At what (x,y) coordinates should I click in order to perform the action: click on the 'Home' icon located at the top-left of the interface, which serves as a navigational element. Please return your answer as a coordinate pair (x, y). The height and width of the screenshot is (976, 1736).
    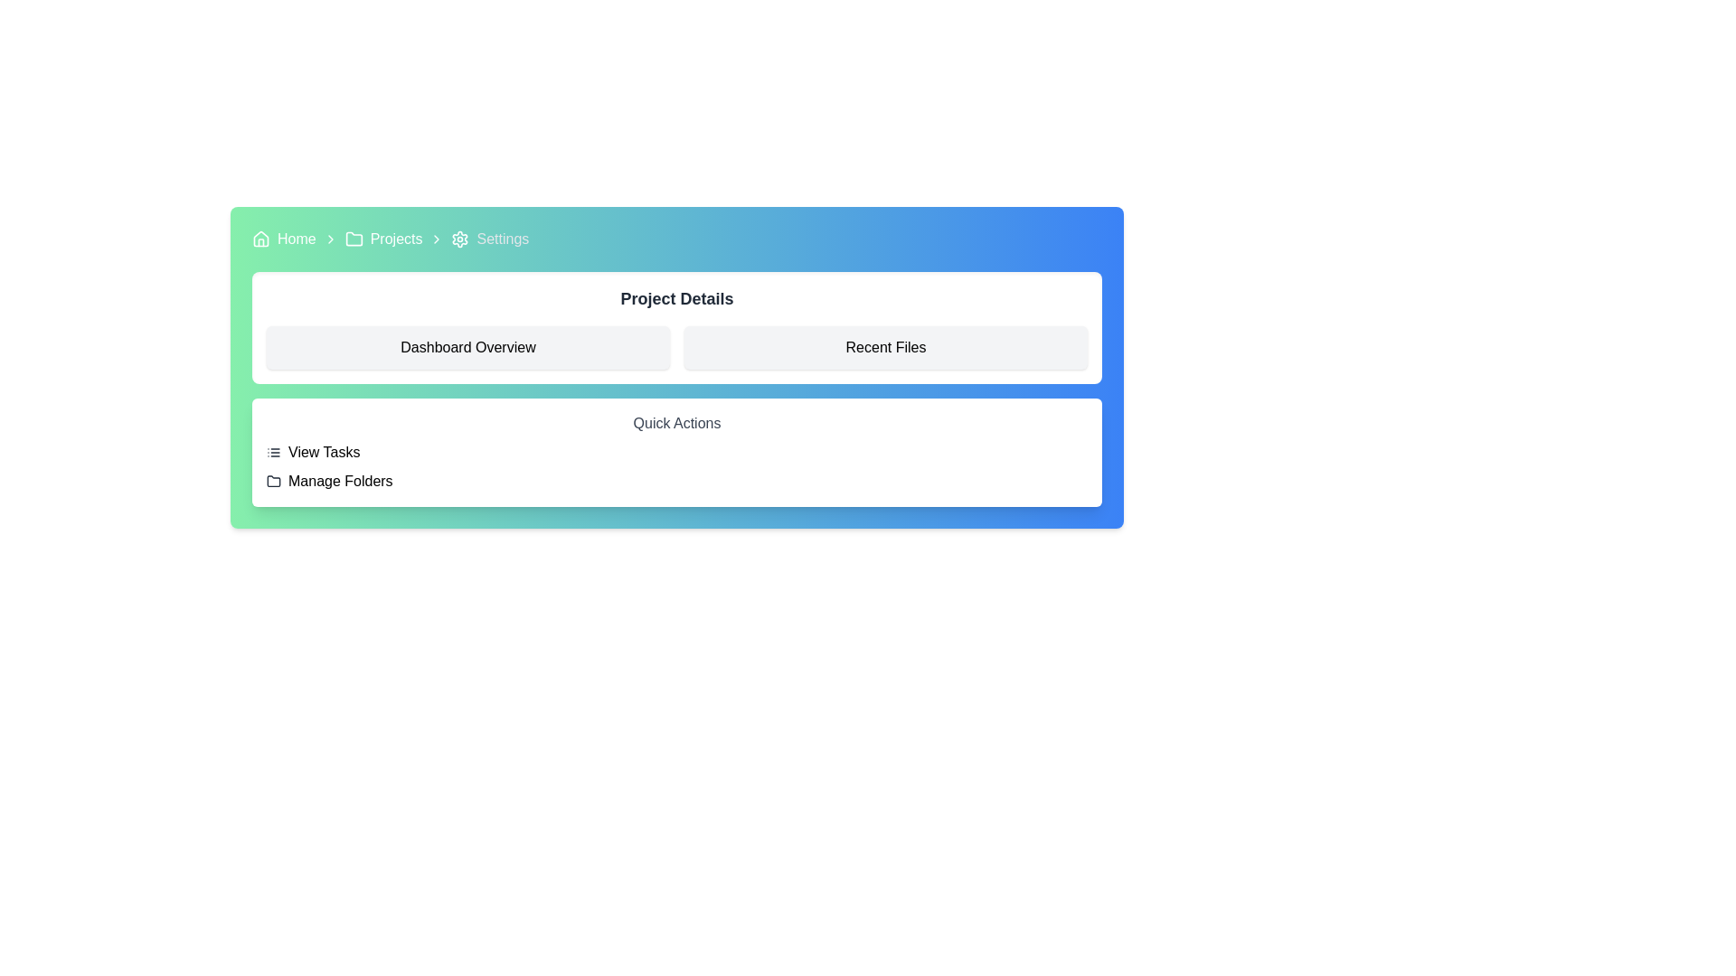
    Looking at the image, I should click on (259, 239).